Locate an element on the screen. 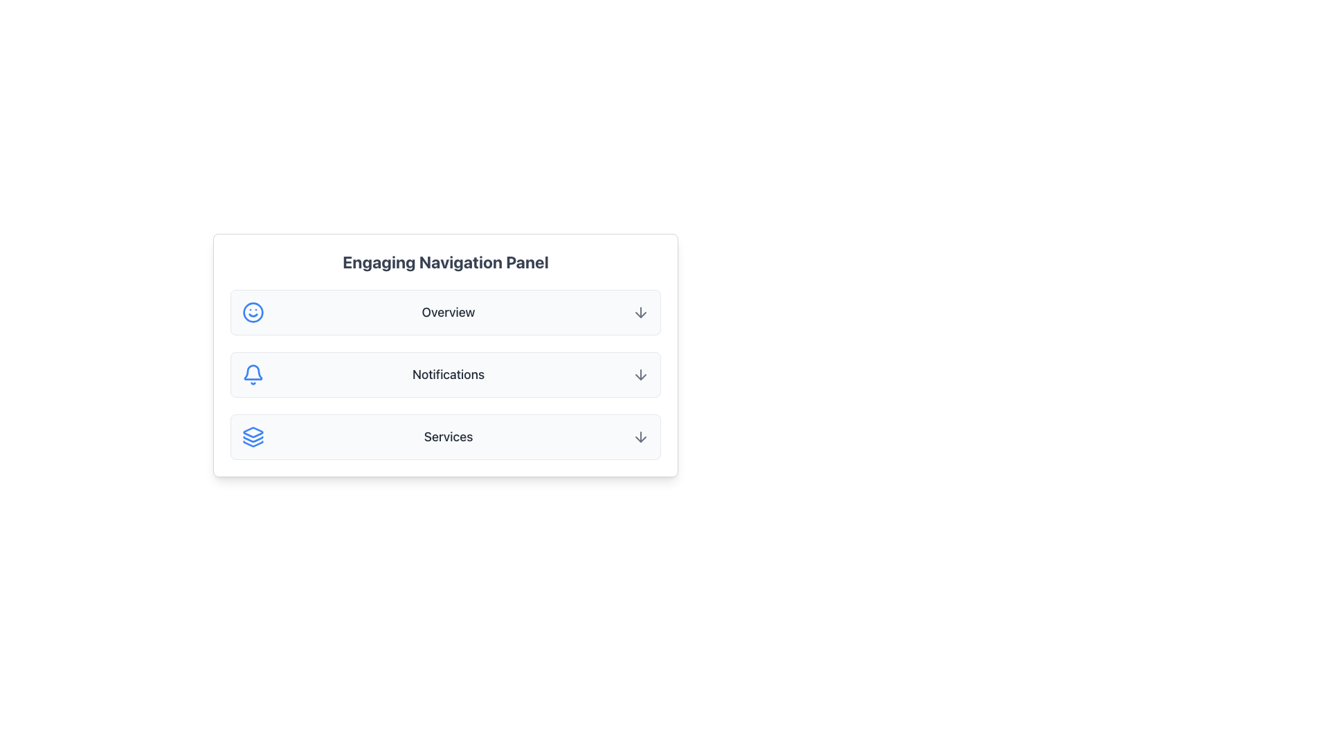 This screenshot has height=747, width=1329. the icon located at the top right corner of the 'Overview' row is located at coordinates (640, 312).